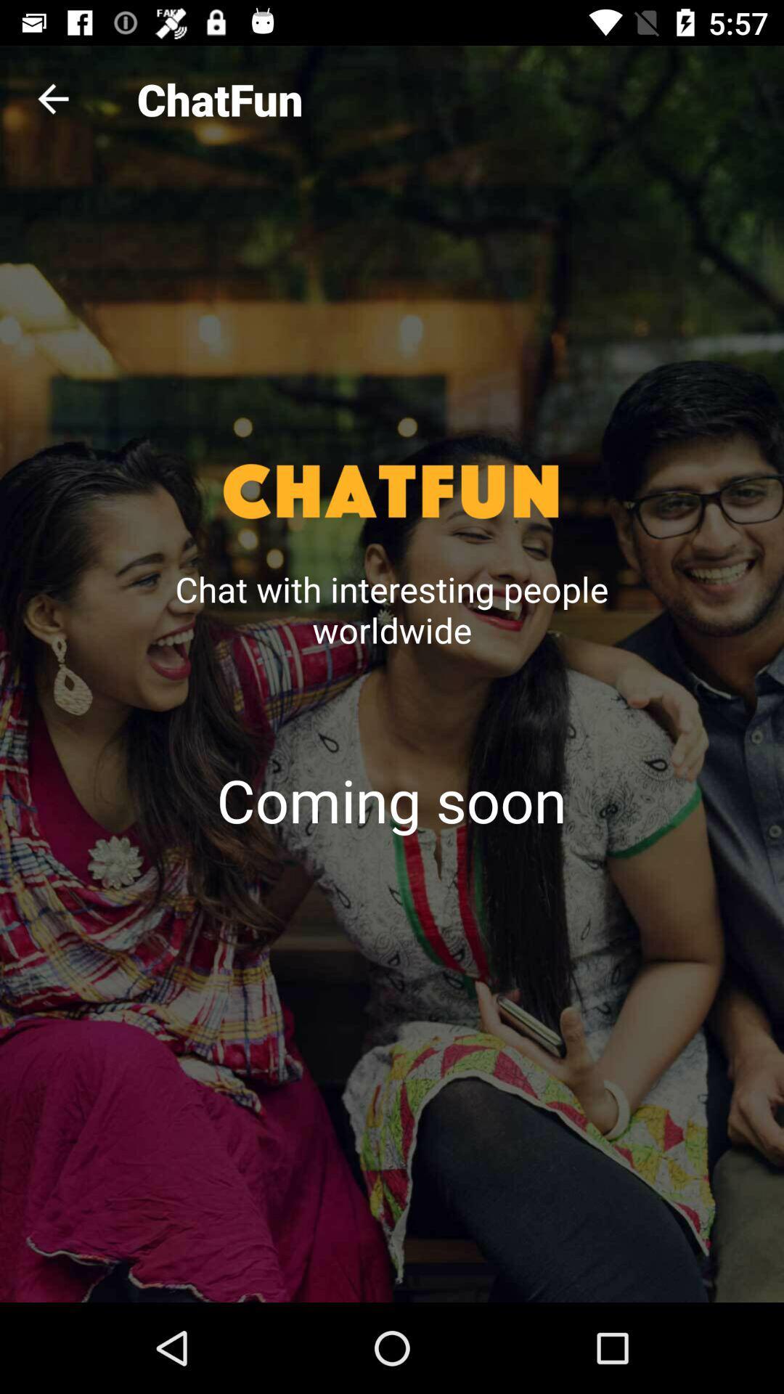 The height and width of the screenshot is (1394, 784). Describe the element at coordinates (52, 98) in the screenshot. I see `the icon next to the chatfun` at that location.